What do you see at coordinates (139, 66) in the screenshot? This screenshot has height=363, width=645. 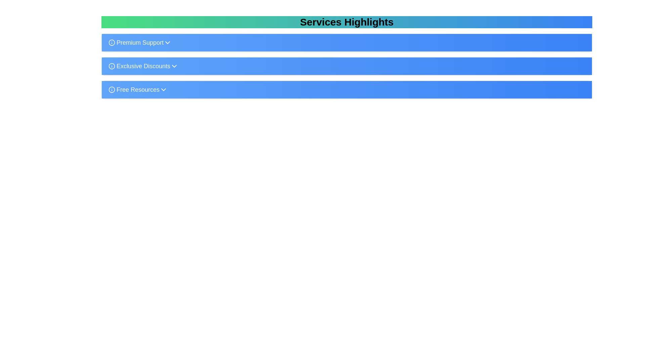 I see `the Text label heading that serves as the title for exclusive discounts, positioned centrally between 'Premium Support' and 'Free Resources'` at bounding box center [139, 66].